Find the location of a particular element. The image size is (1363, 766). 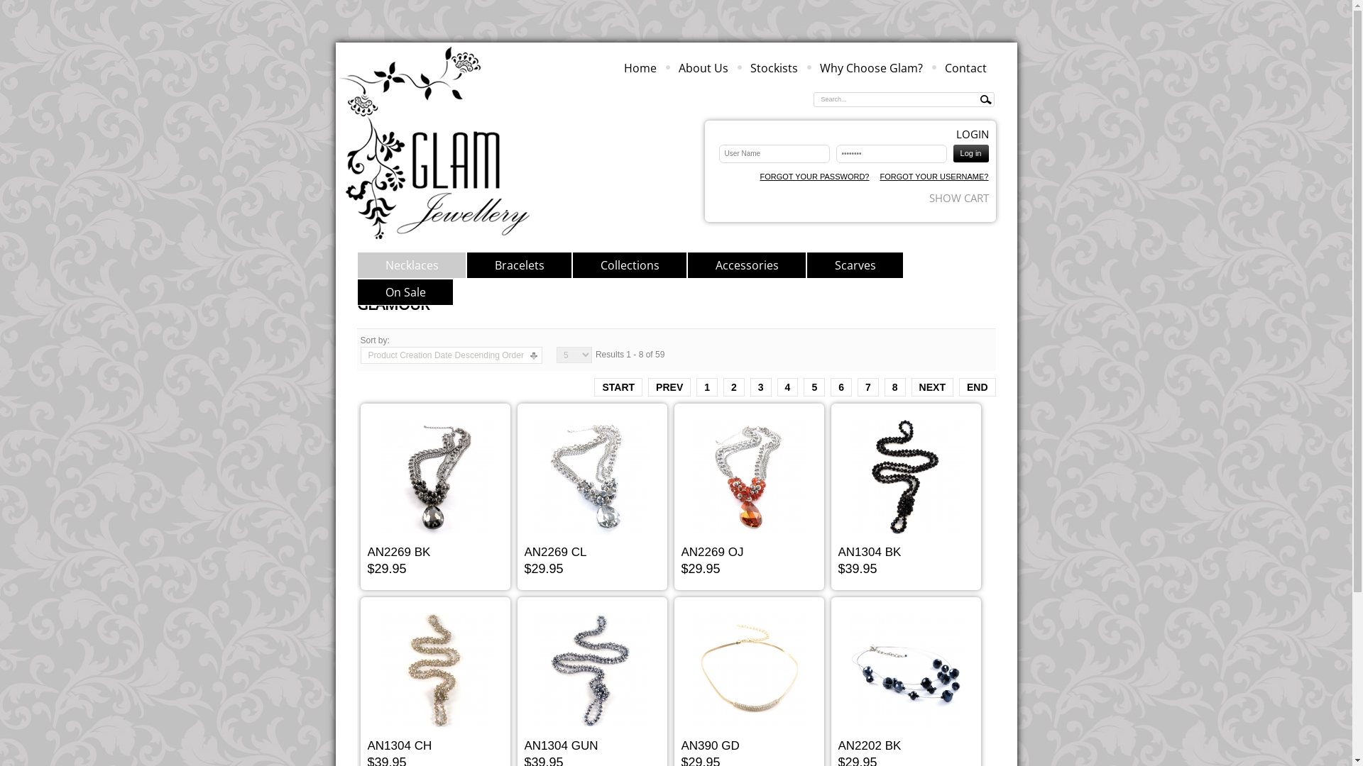

'END' is located at coordinates (977, 387).